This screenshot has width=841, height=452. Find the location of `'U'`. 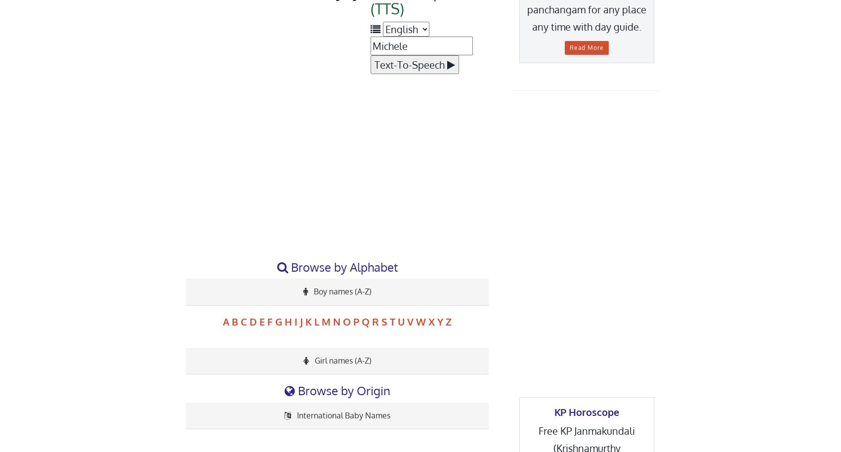

'U' is located at coordinates (401, 321).